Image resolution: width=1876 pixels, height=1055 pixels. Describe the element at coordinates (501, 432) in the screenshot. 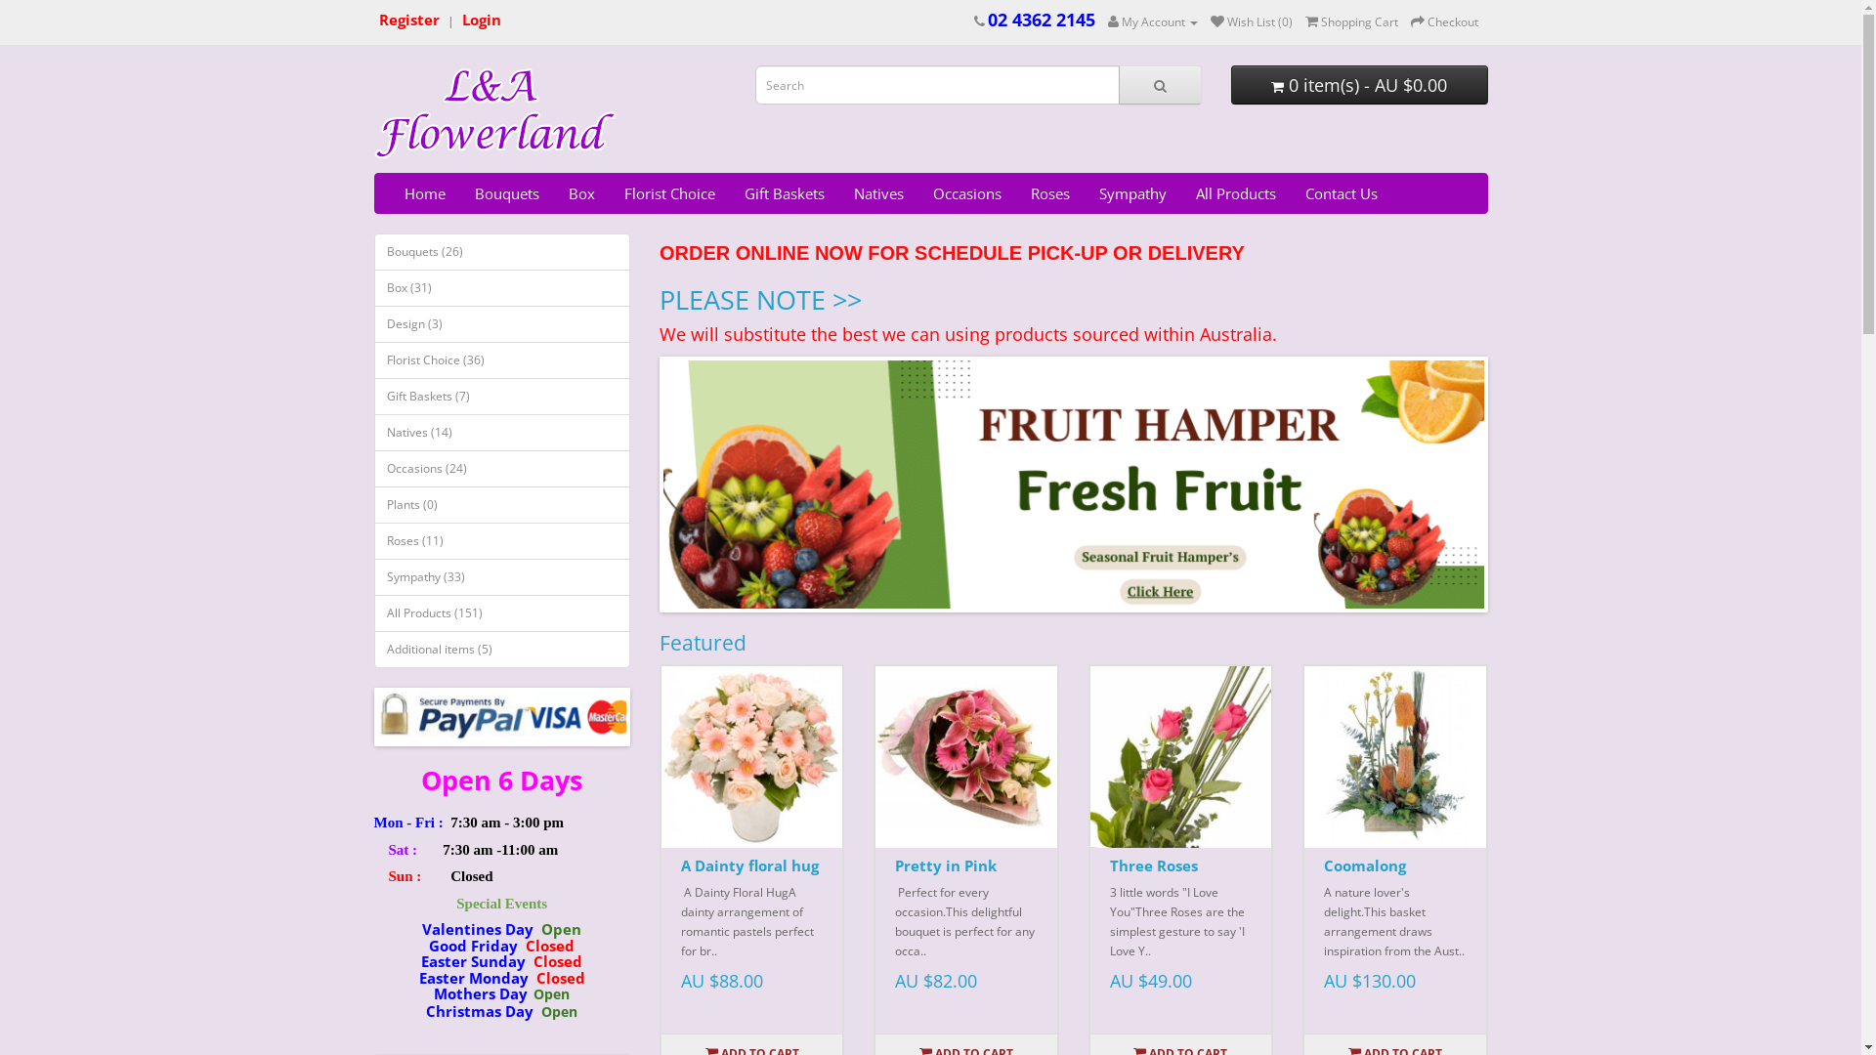

I see `'Natives (14)'` at that location.